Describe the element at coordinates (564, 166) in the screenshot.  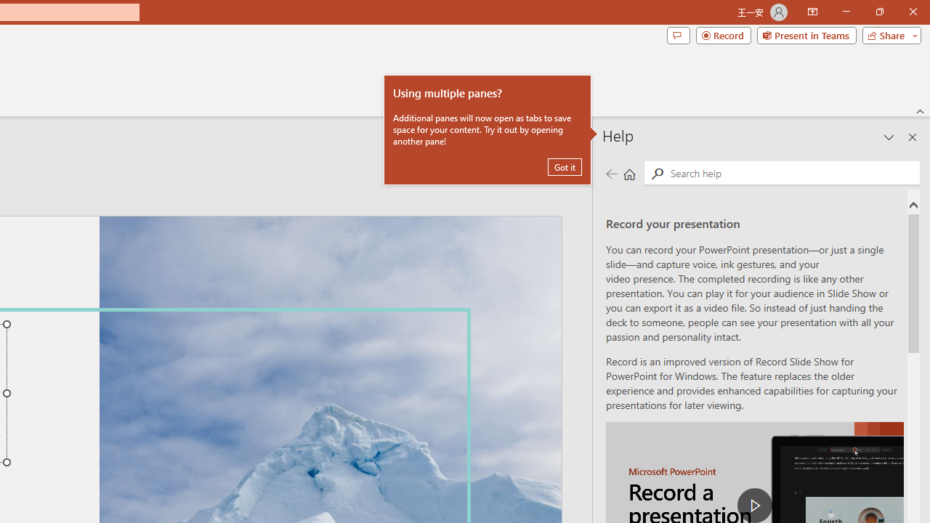
I see `'Got it'` at that location.